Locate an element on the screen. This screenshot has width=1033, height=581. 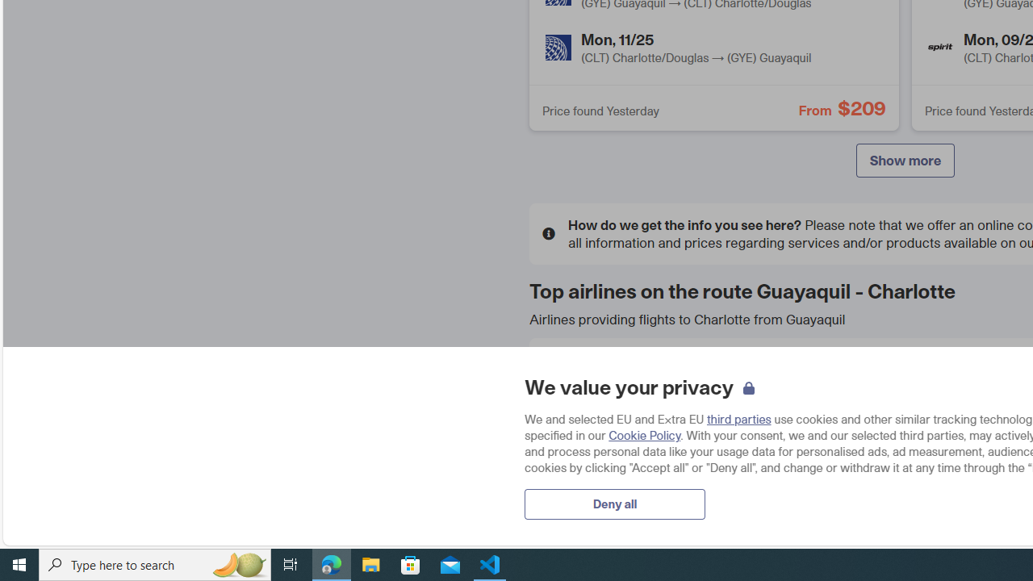
'Show more' is located at coordinates (905, 161).